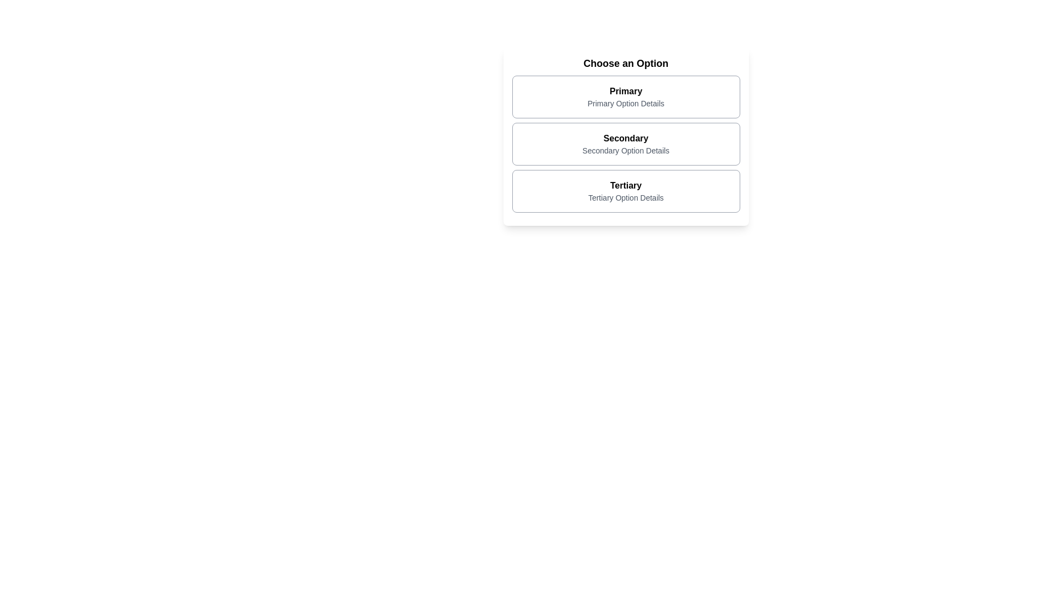 This screenshot has width=1052, height=592. Describe the element at coordinates (626, 198) in the screenshot. I see `the Text Label that provides additional details for the 'Tertiary' option in the UI, located below the title 'Tertiary'` at that location.